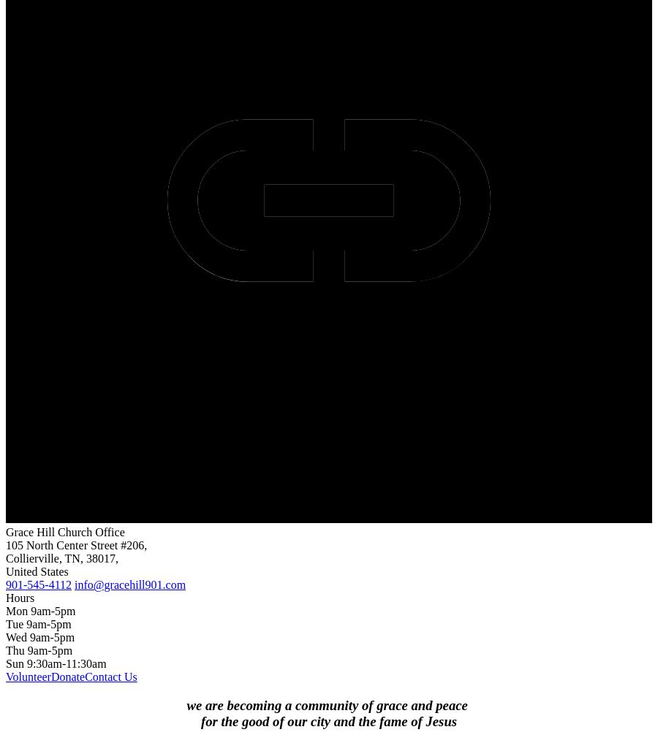  Describe the element at coordinates (64, 531) in the screenshot. I see `'Grace Hill Church Office'` at that location.